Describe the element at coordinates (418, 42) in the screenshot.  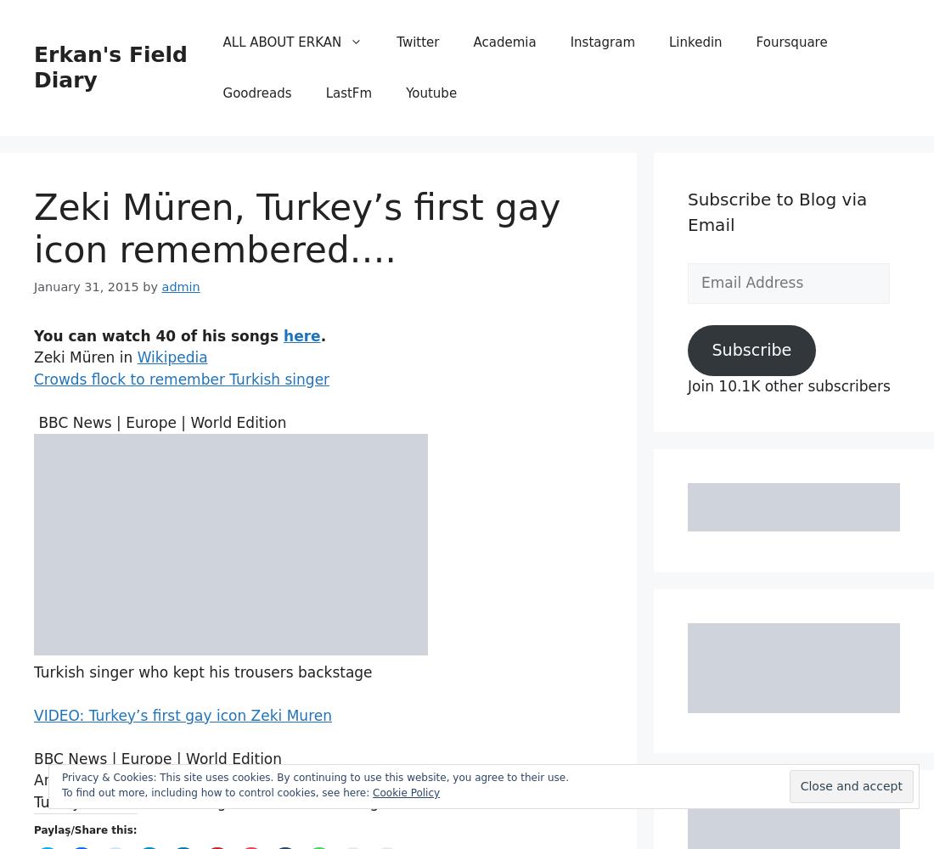
I see `'Twitter'` at that location.